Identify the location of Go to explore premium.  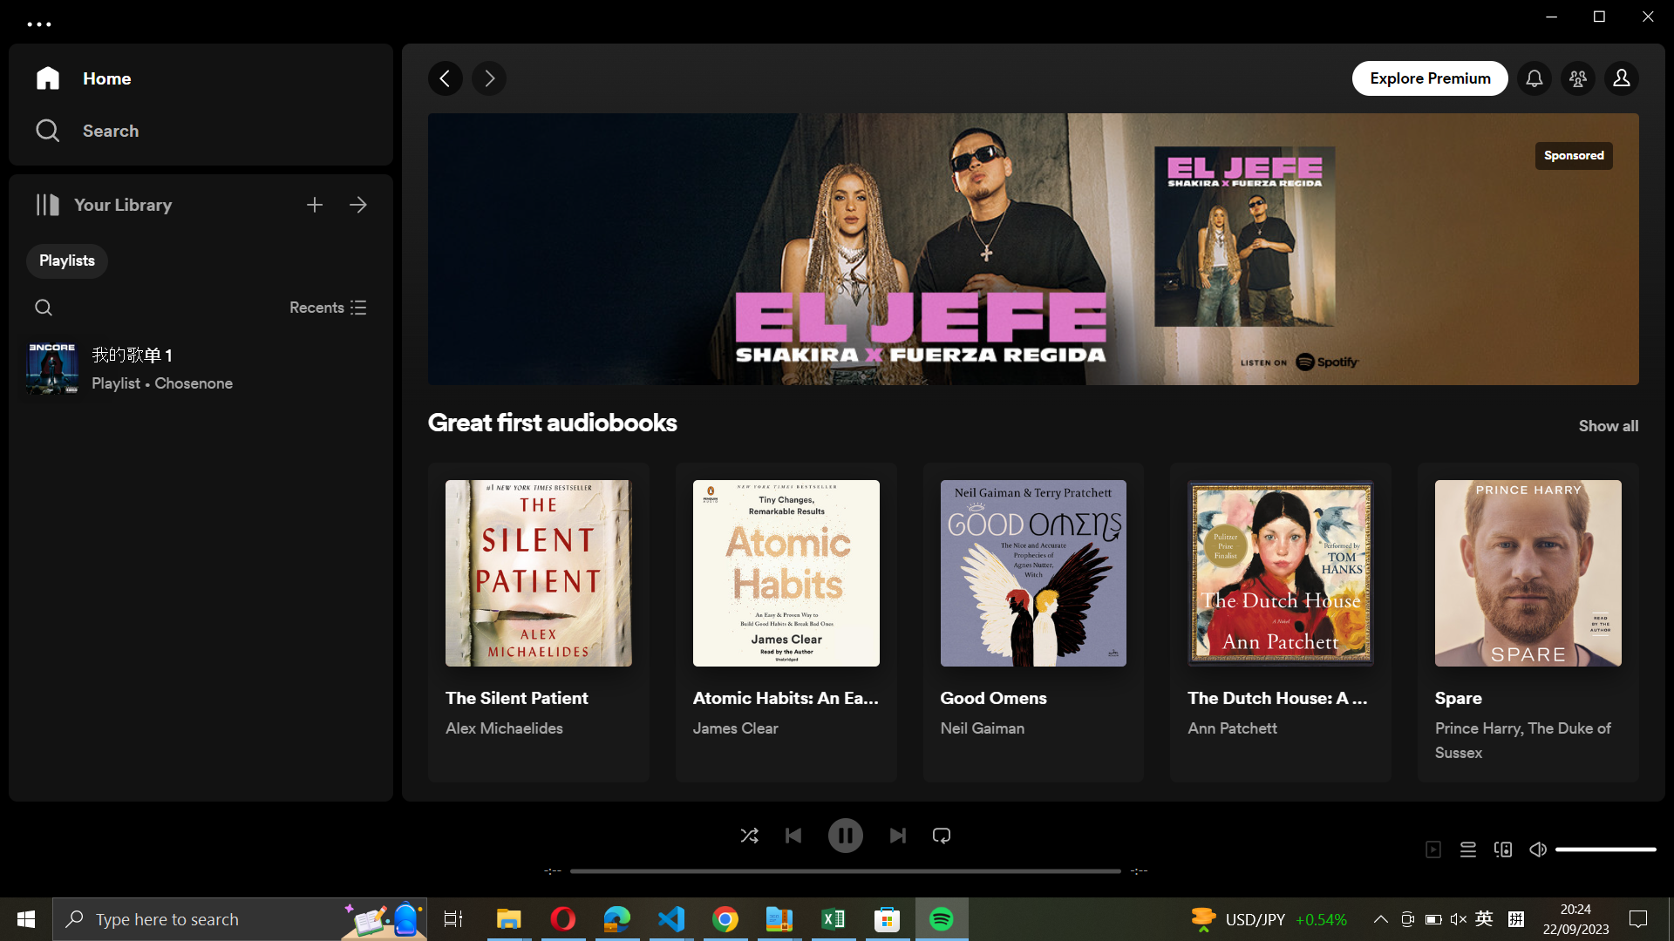
(1432, 77).